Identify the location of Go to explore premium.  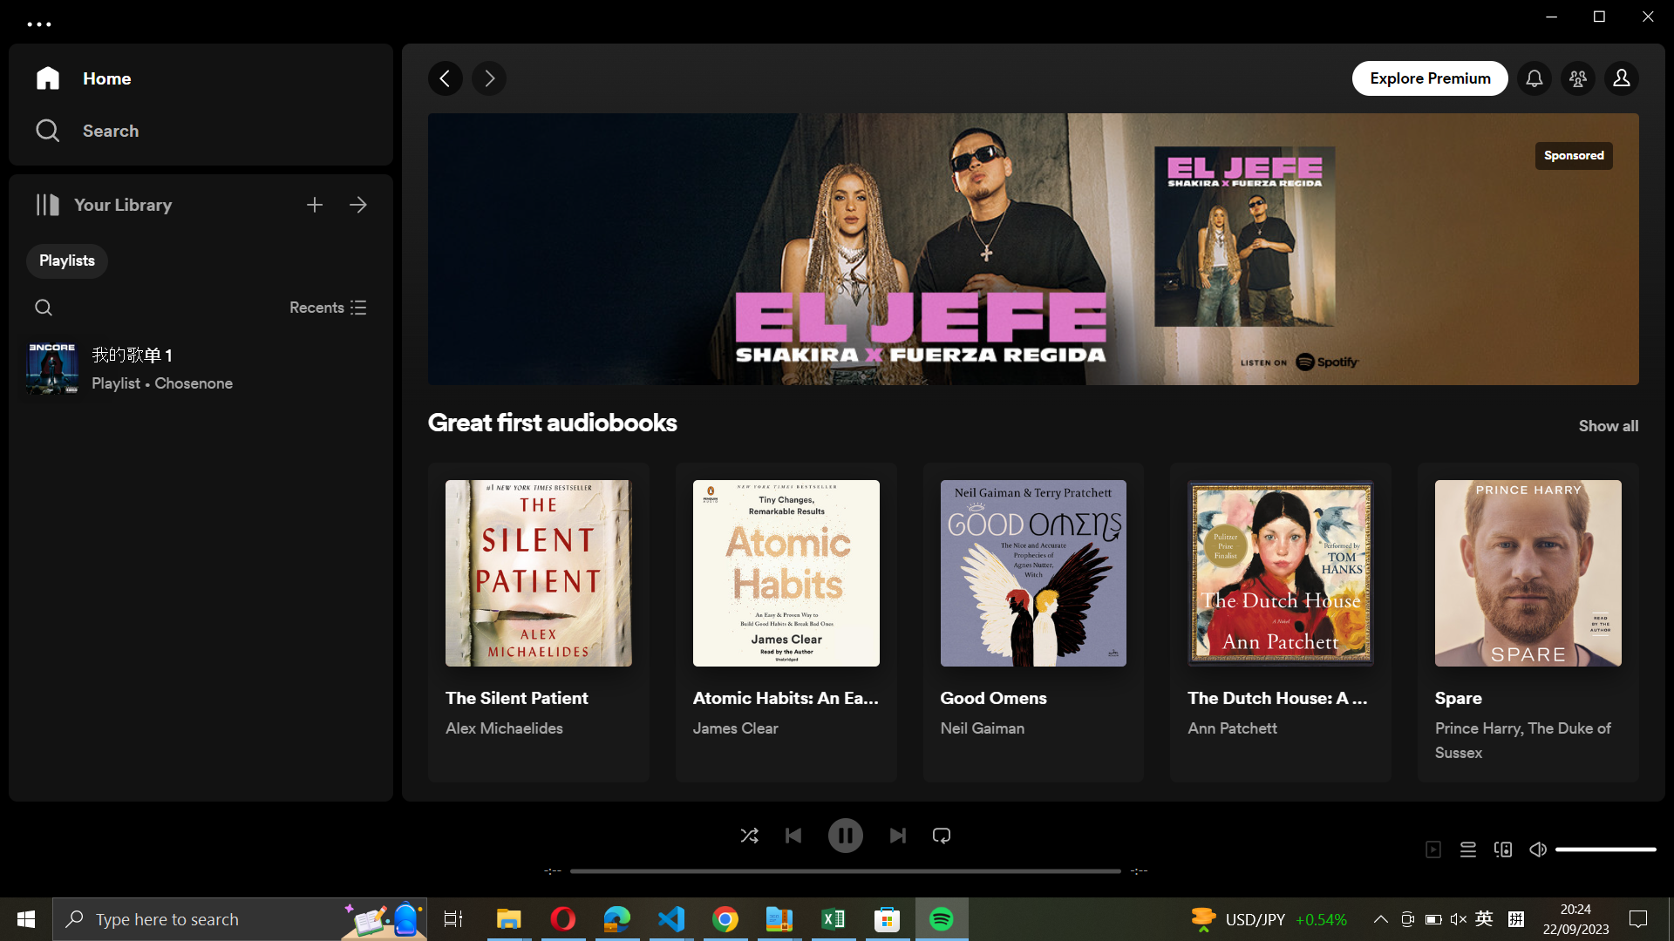
(1432, 77).